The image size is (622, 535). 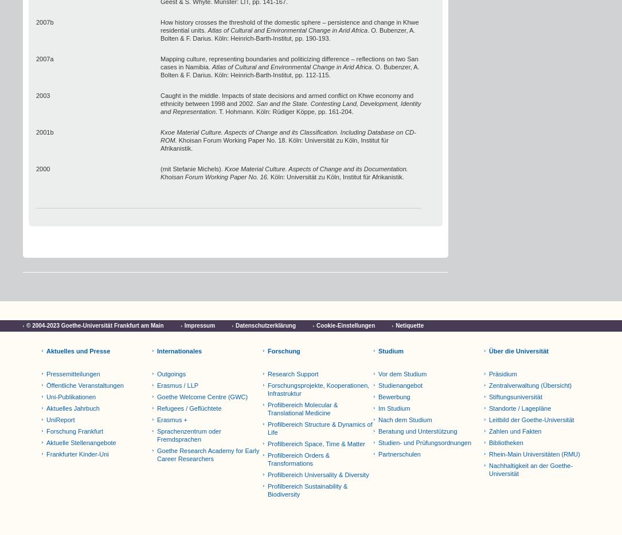 I want to click on 'Erasmus +', so click(x=171, y=420).